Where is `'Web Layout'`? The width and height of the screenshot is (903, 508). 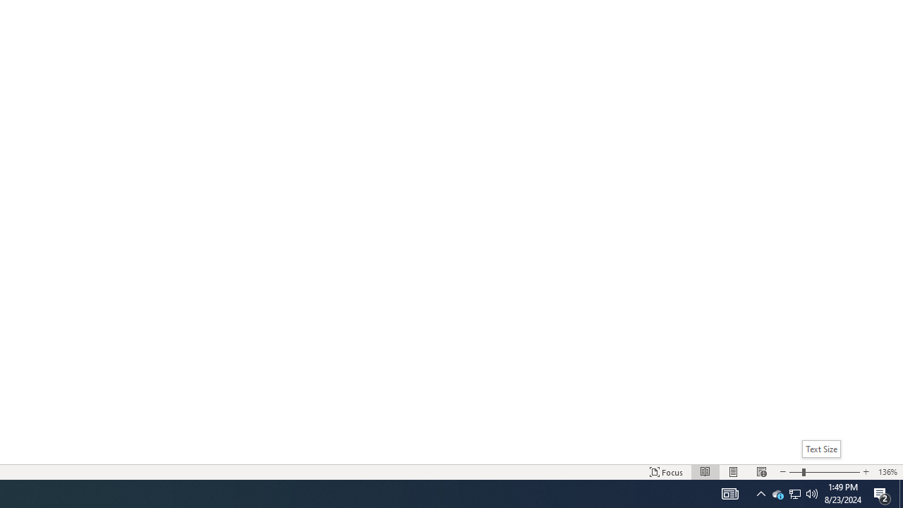
'Web Layout' is located at coordinates (760, 472).